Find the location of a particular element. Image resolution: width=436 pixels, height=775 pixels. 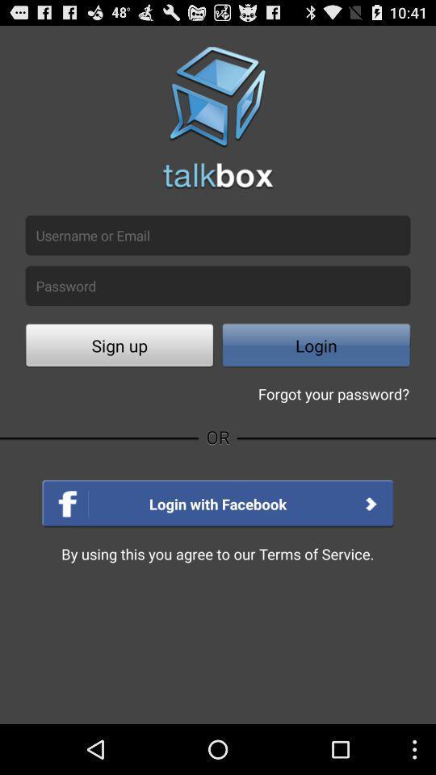

the sign up icon is located at coordinates (119, 347).